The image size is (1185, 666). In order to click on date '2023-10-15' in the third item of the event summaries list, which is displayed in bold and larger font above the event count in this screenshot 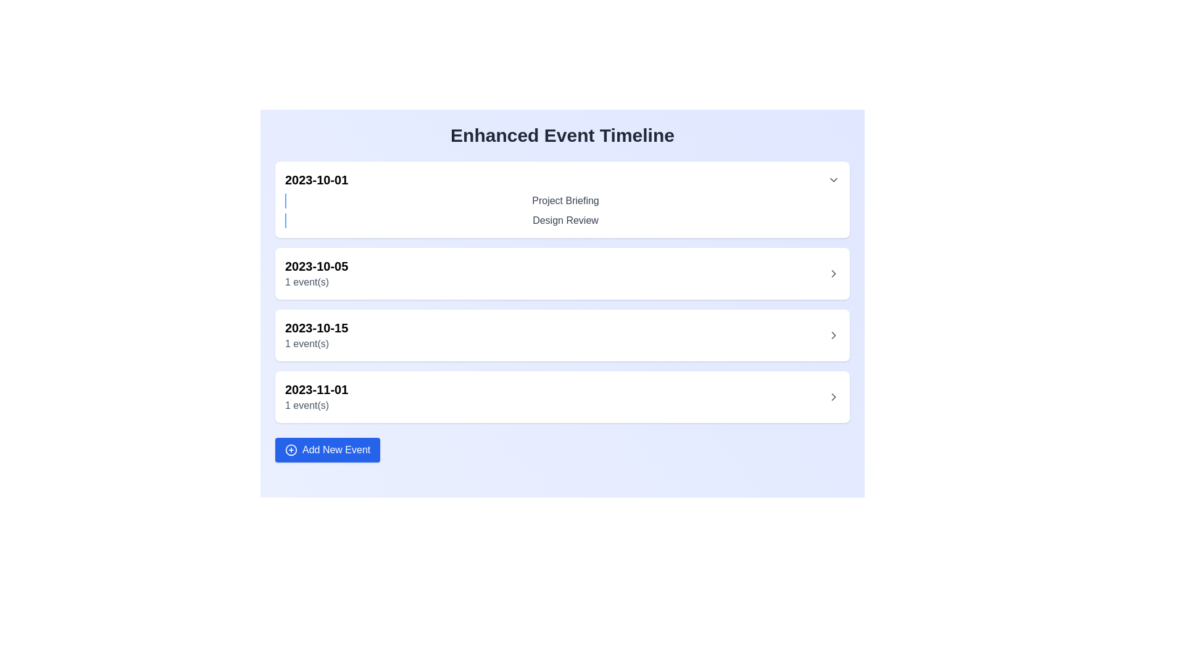, I will do `click(317, 335)`.